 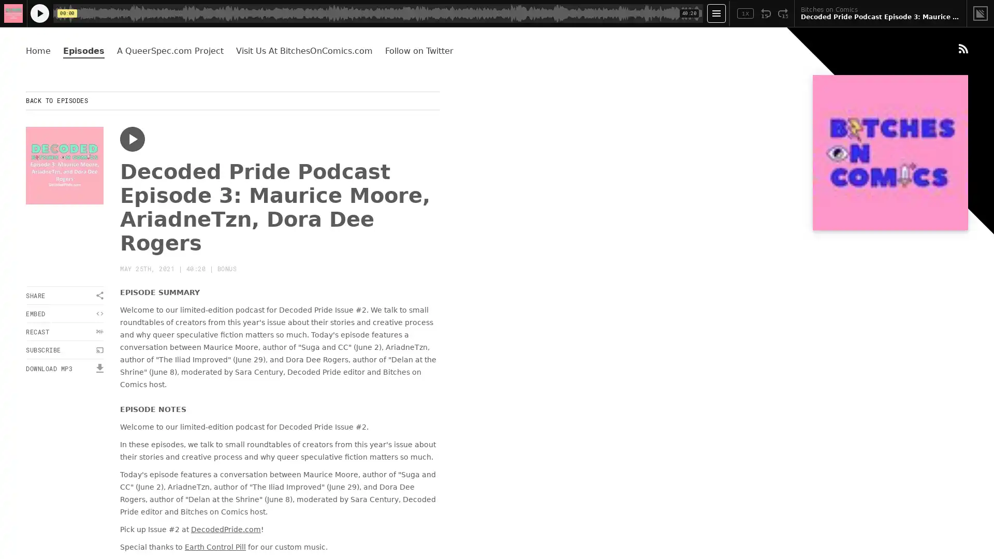 What do you see at coordinates (783, 13) in the screenshot?
I see `Fast Forward 15 Seconds` at bounding box center [783, 13].